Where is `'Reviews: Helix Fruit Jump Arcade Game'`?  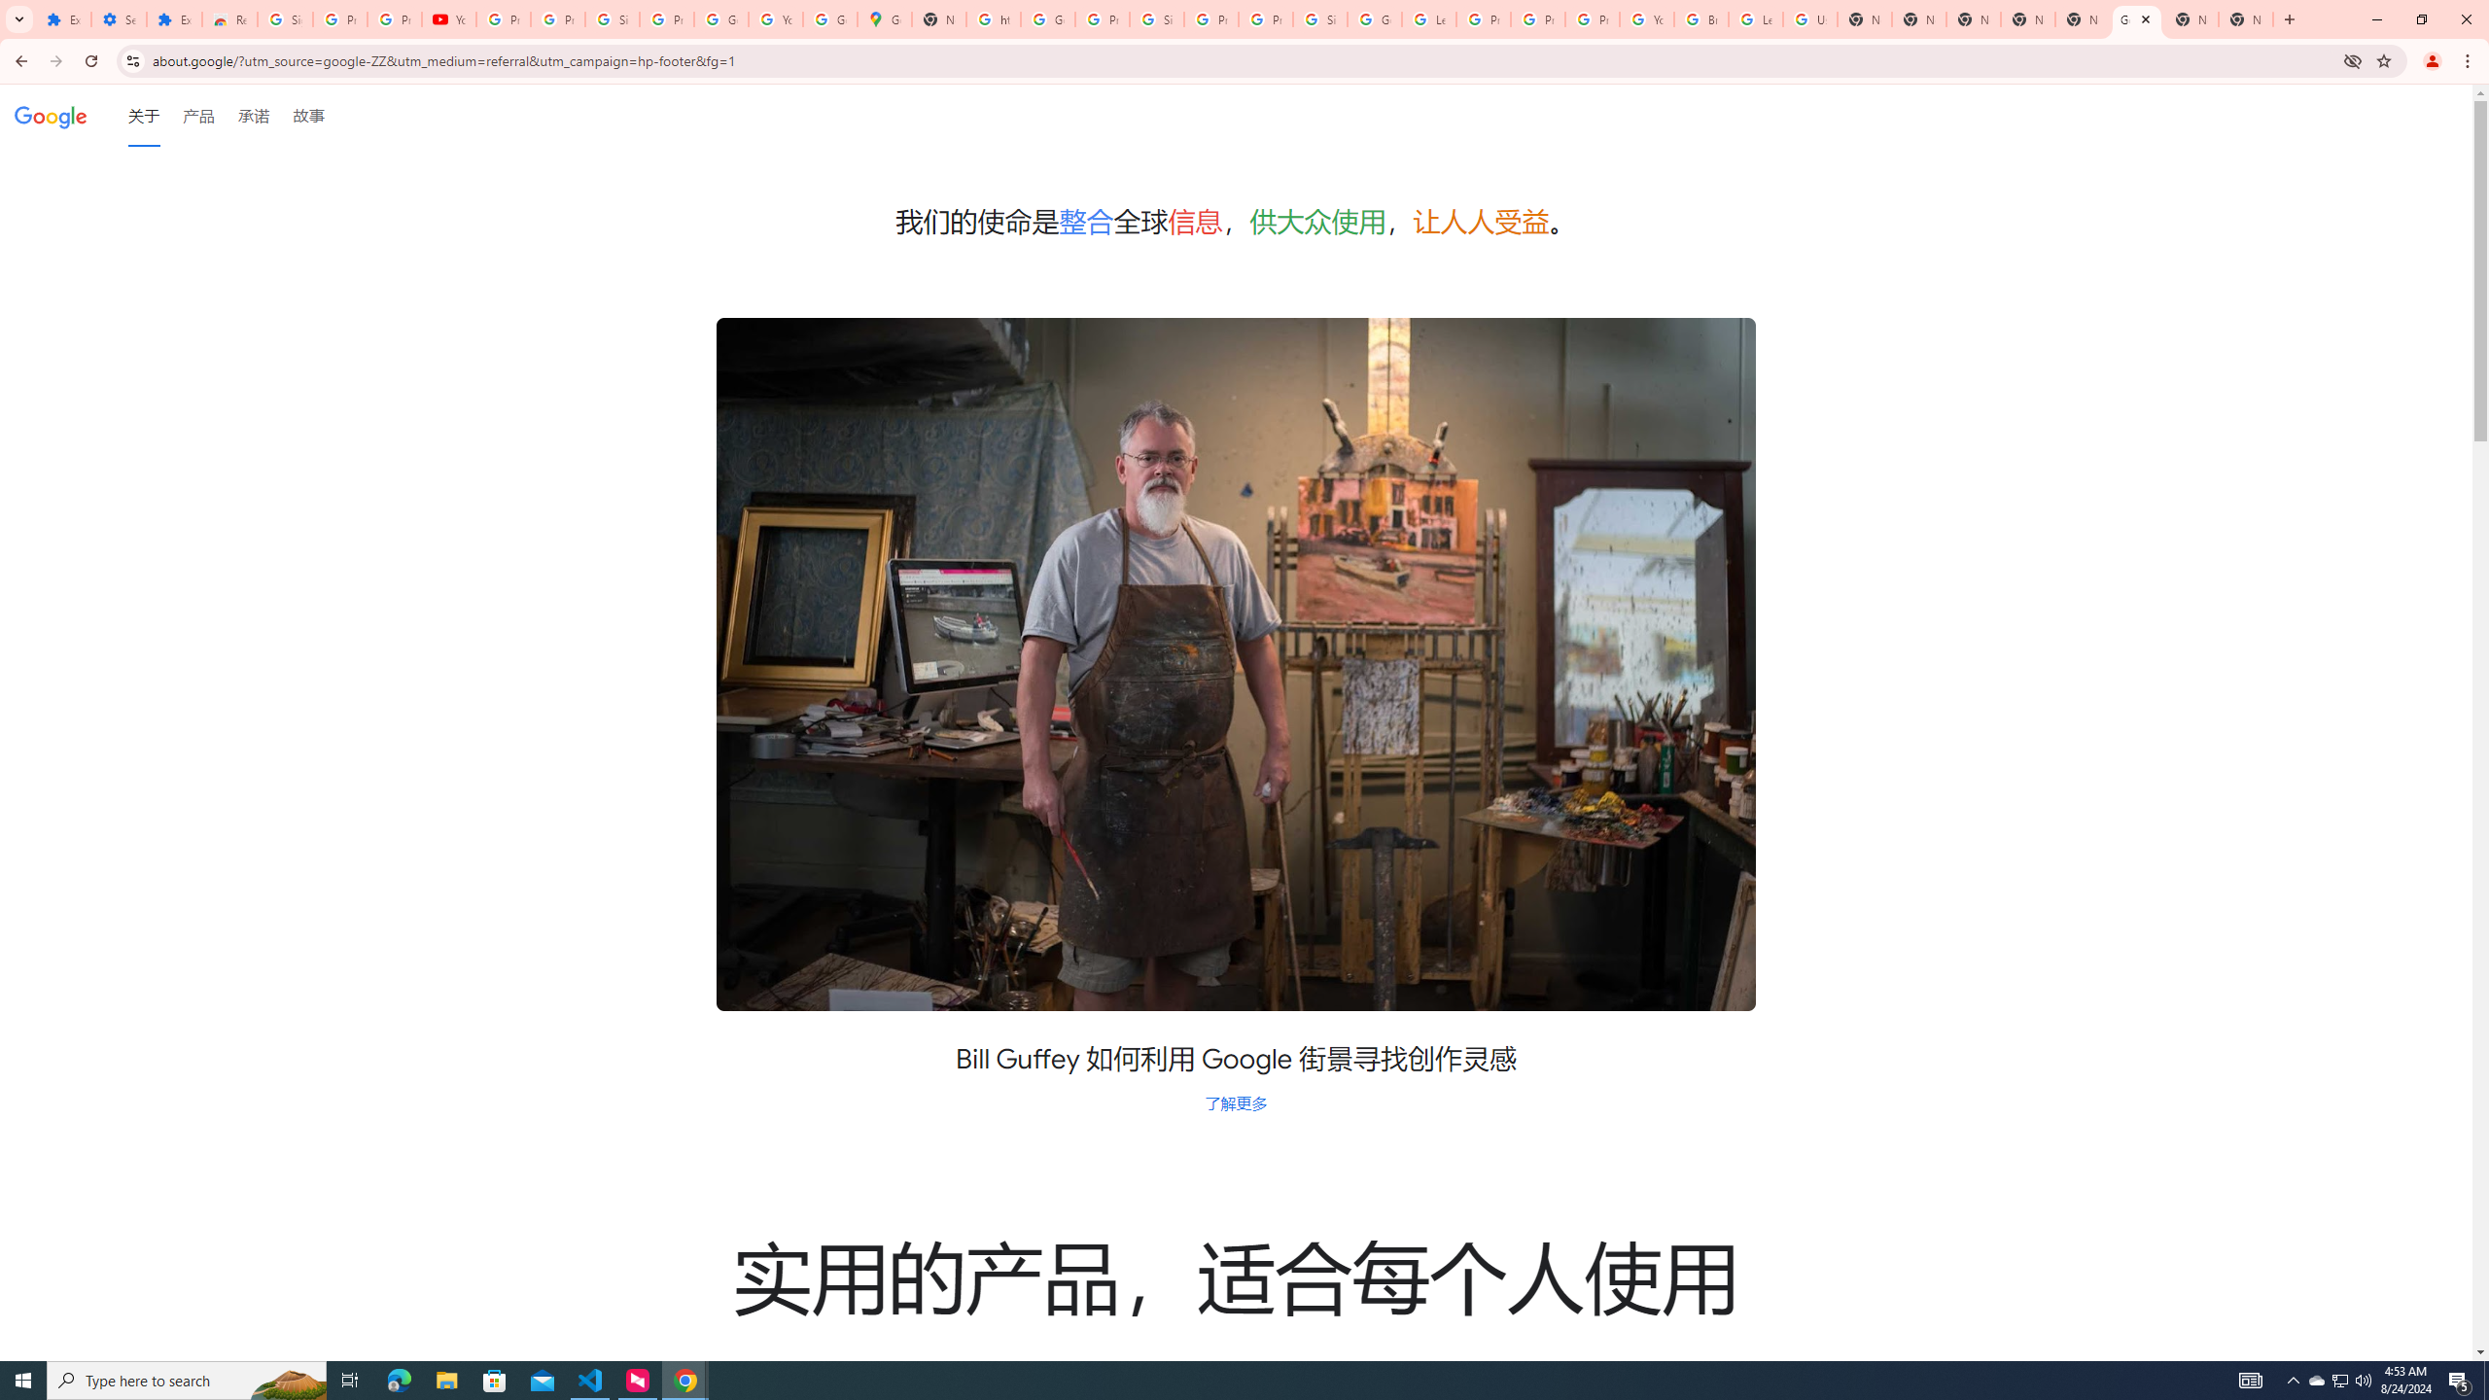 'Reviews: Helix Fruit Jump Arcade Game' is located at coordinates (229, 18).